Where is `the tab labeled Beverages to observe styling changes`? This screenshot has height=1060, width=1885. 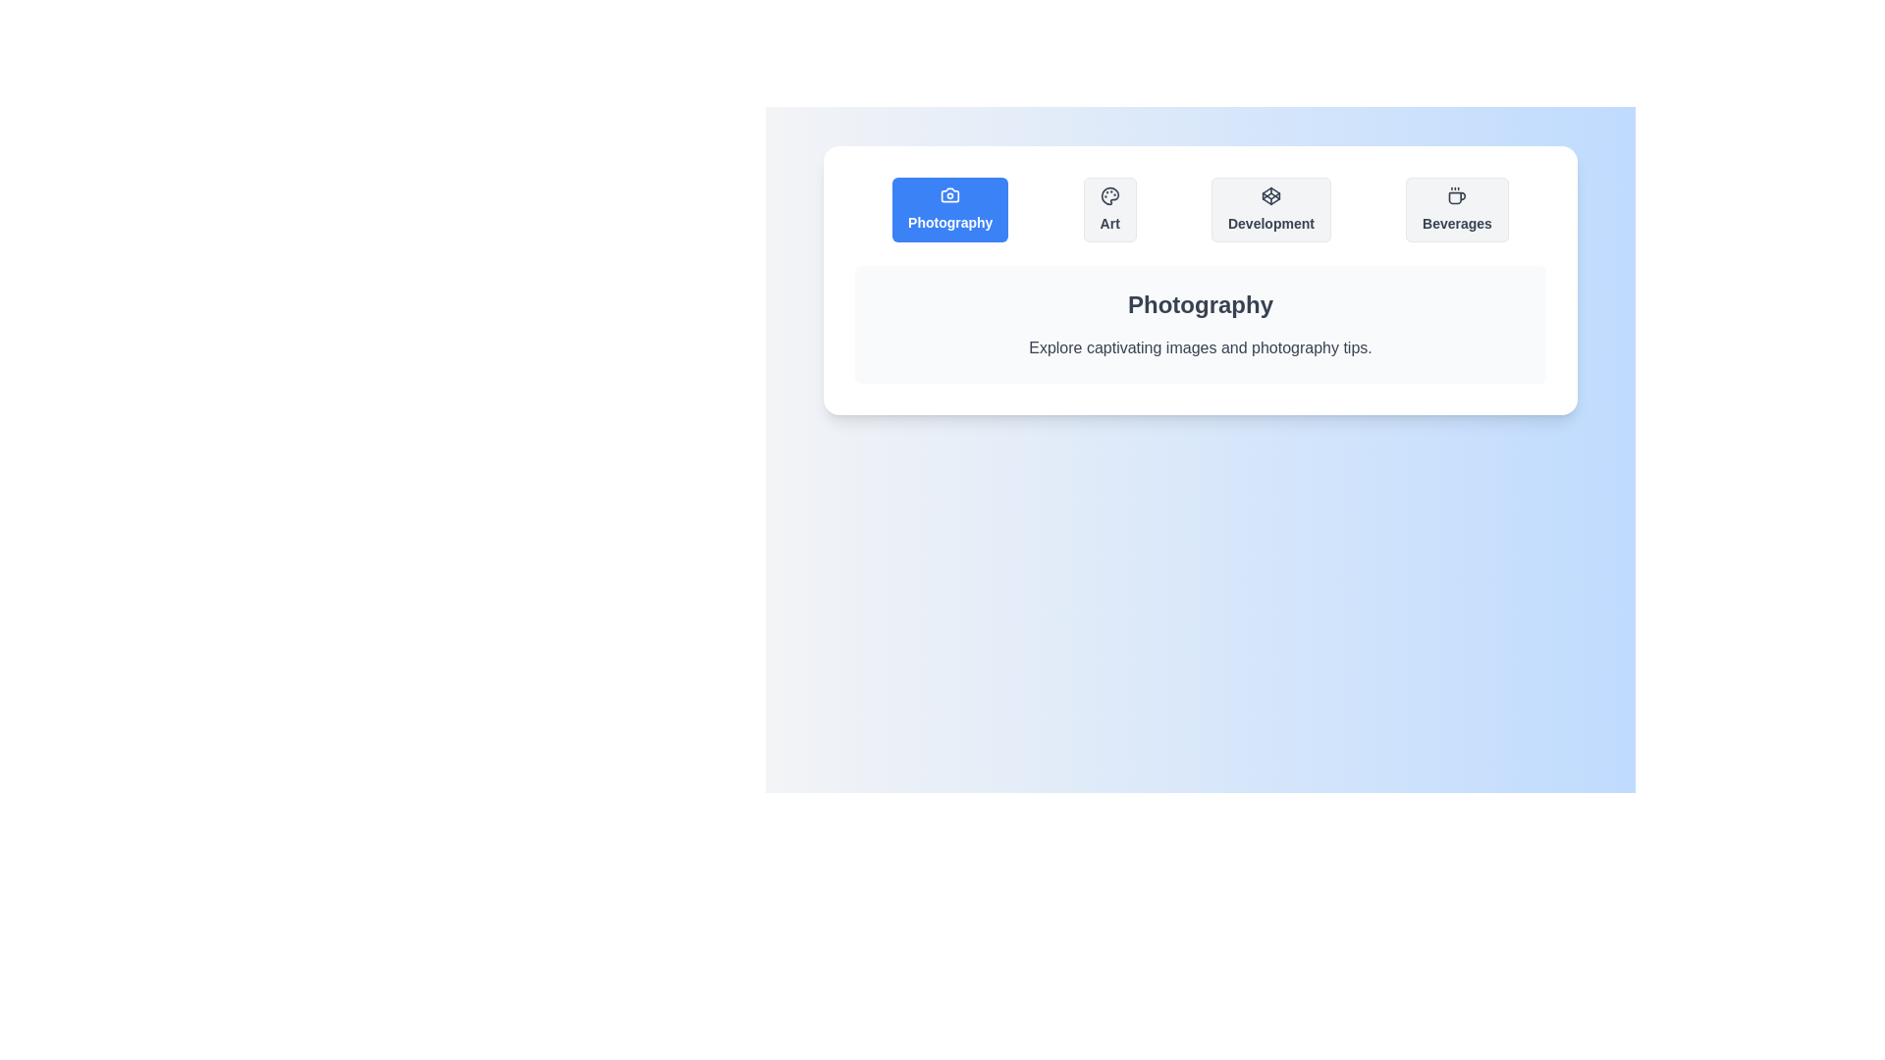
the tab labeled Beverages to observe styling changes is located at coordinates (1457, 209).